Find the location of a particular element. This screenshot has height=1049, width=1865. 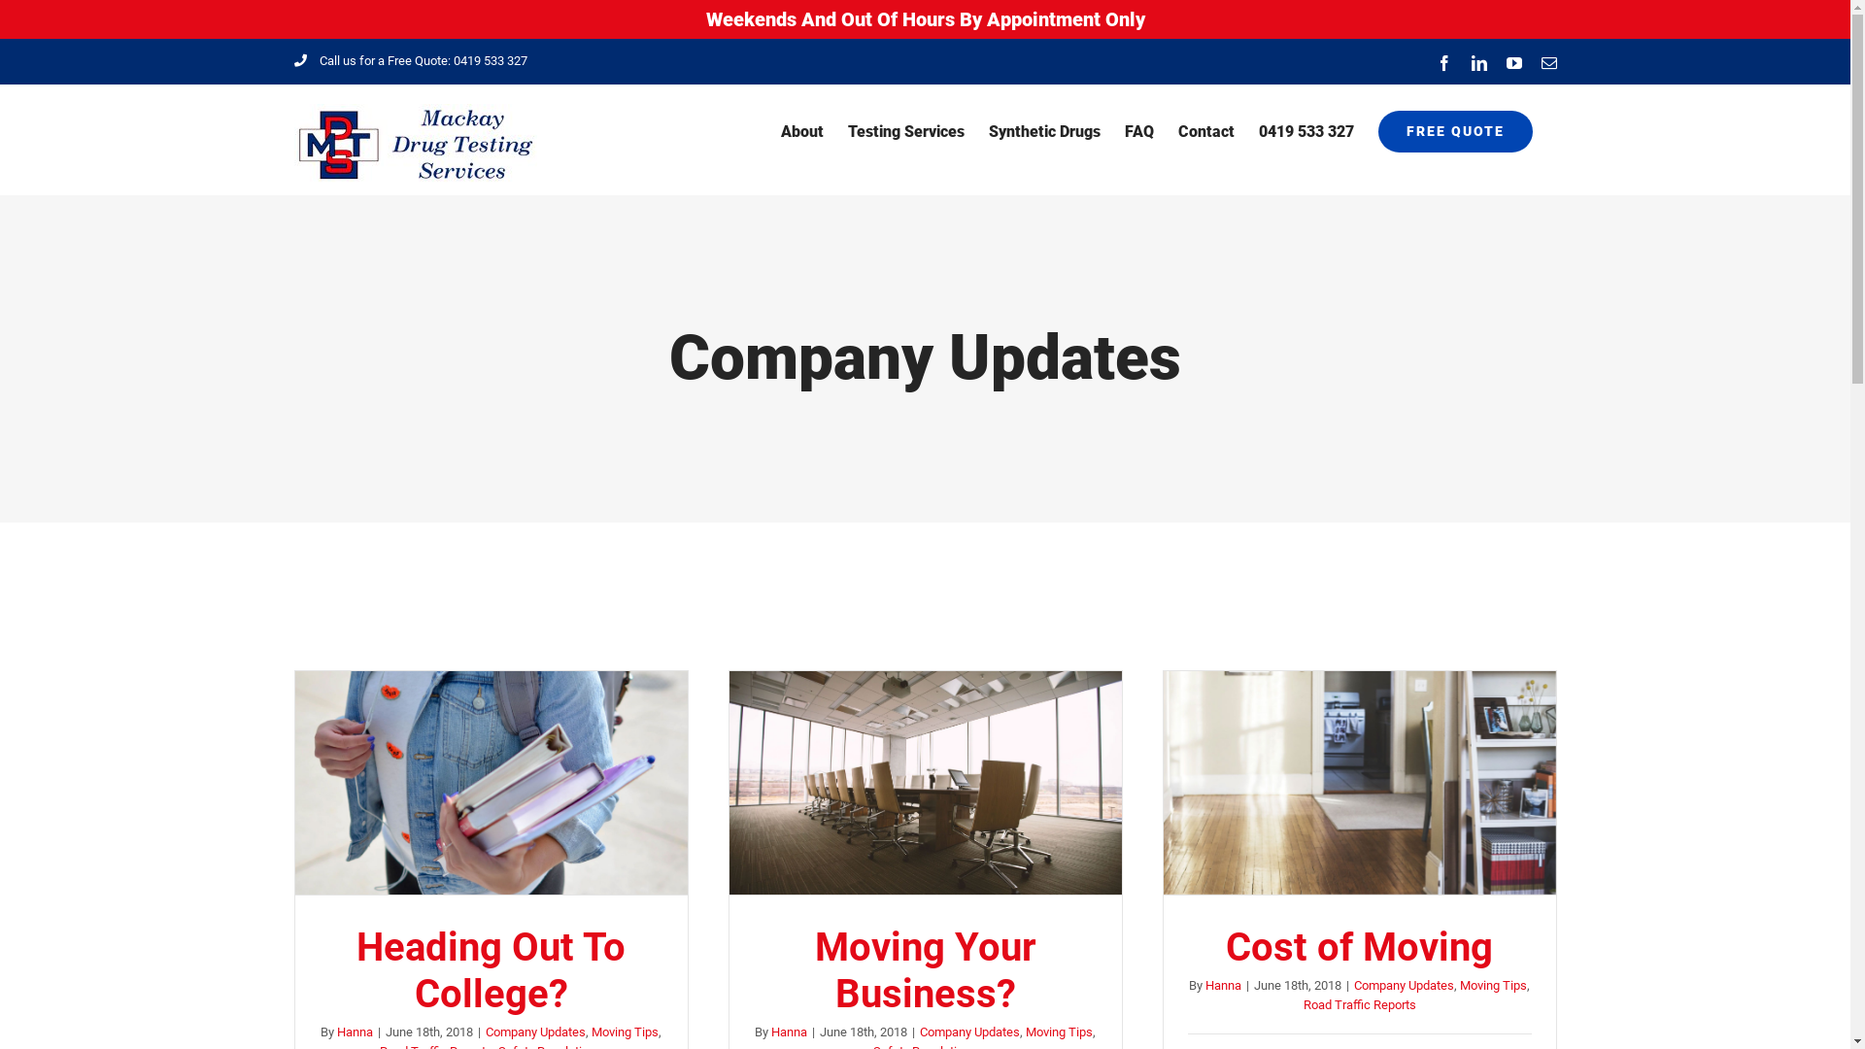

'Facebook' is located at coordinates (1443, 61).